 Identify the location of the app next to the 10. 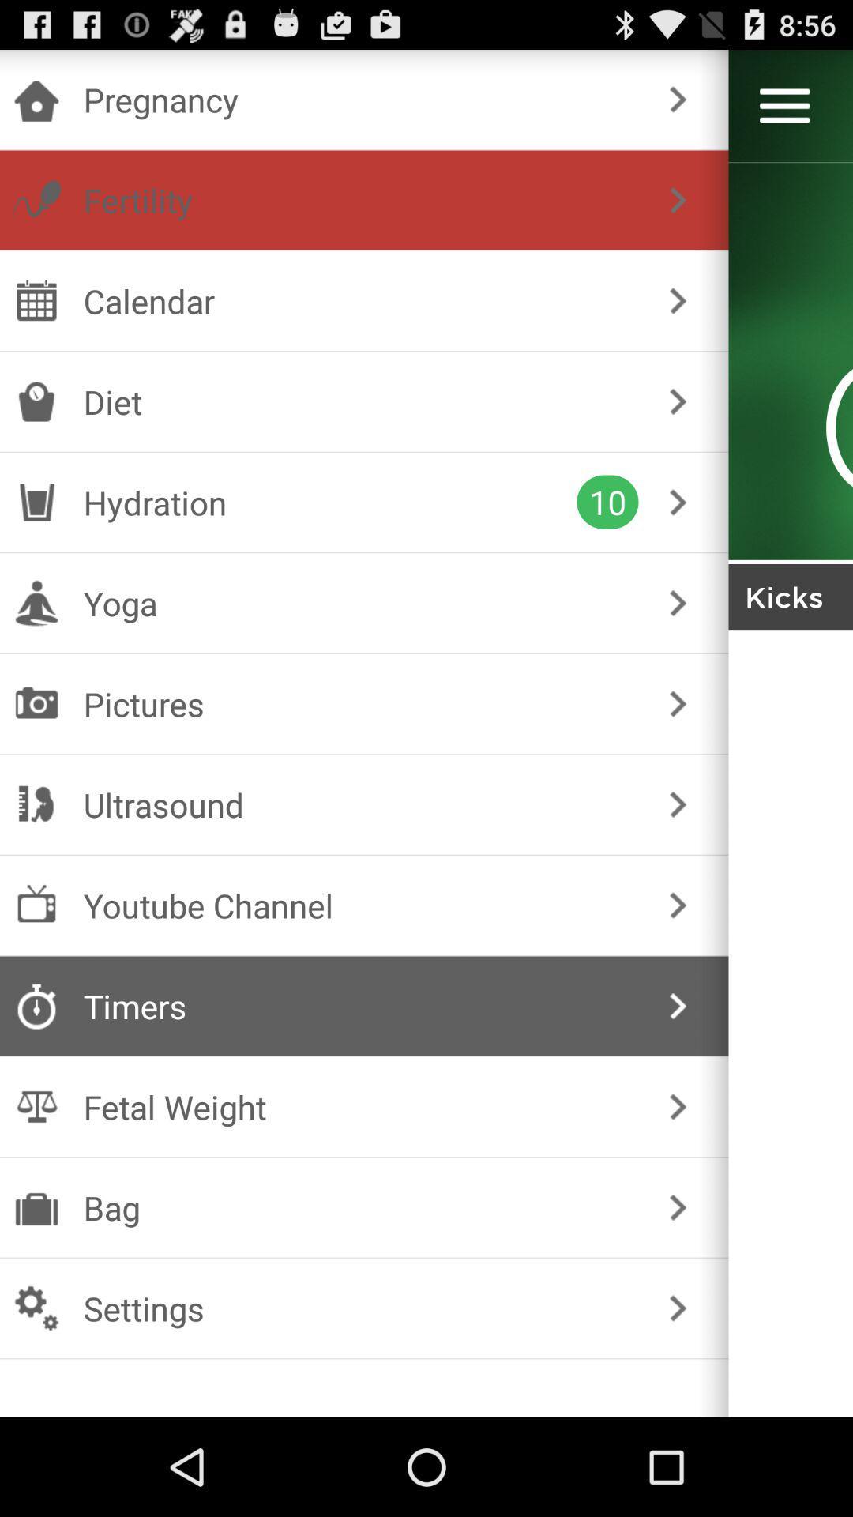
(329, 501).